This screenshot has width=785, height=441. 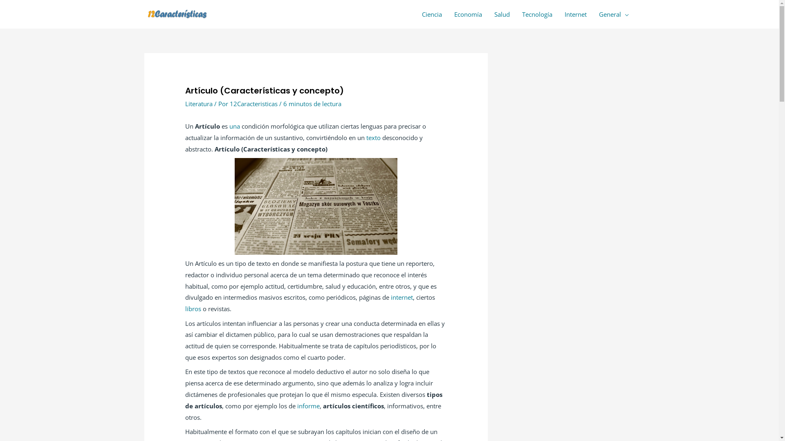 I want to click on 'Ciencia', so click(x=431, y=14).